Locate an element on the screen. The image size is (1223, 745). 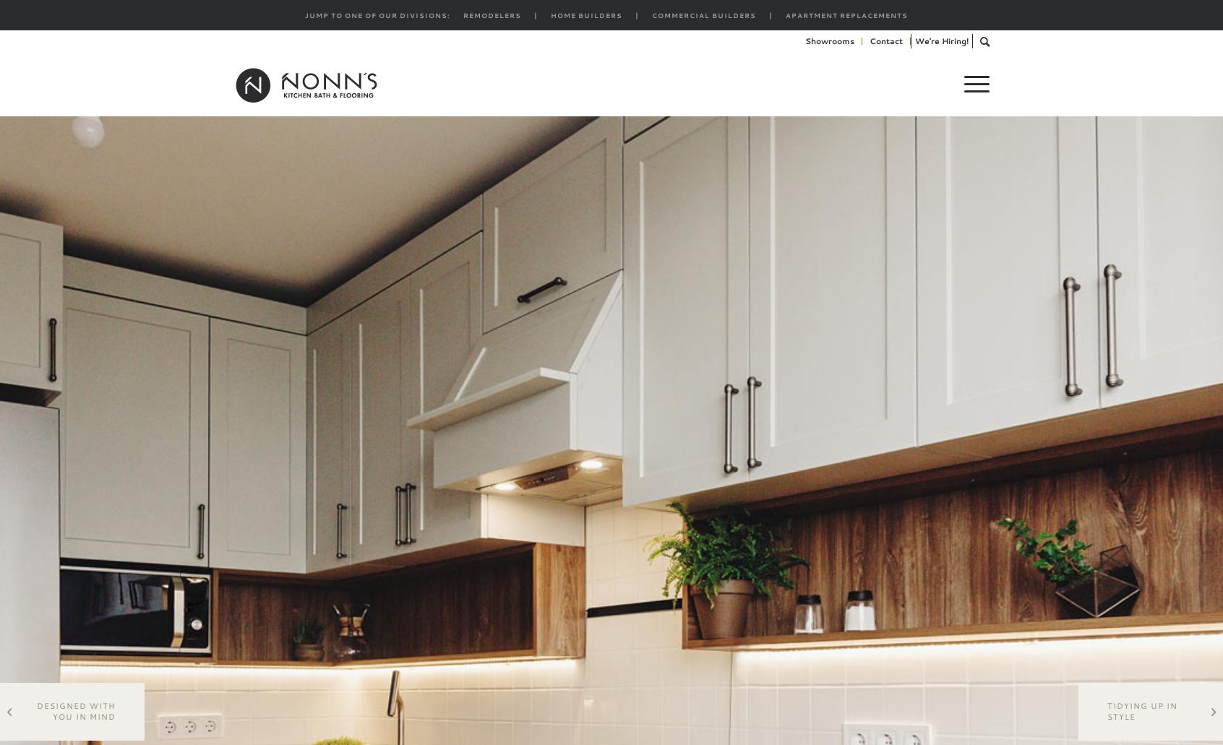
'Commercial Builders' is located at coordinates (703, 15).